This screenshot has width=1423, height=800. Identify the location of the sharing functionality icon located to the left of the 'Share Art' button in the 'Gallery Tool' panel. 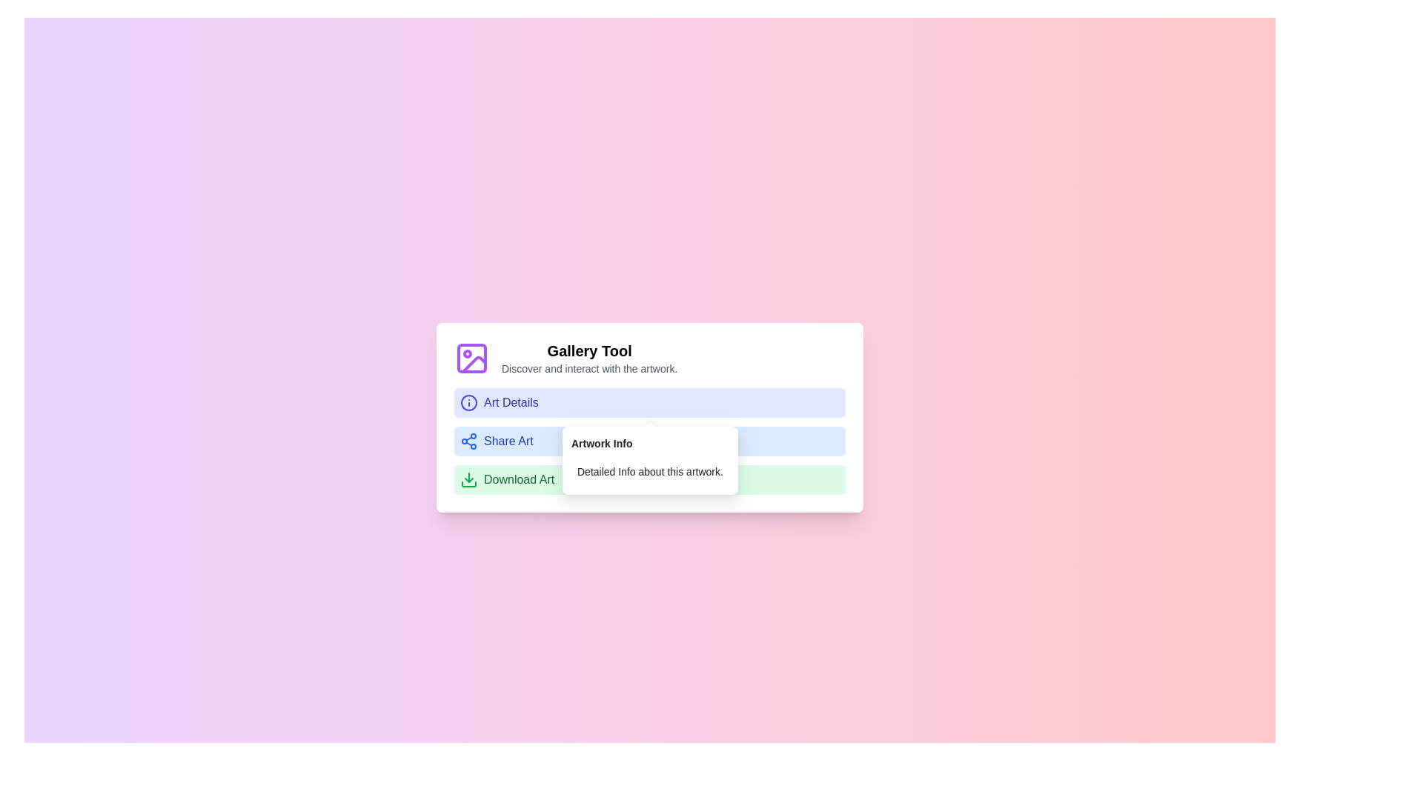
(468, 441).